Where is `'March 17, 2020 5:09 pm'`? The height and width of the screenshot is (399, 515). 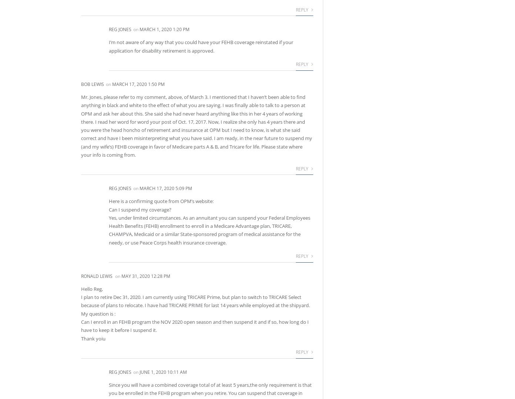 'March 17, 2020 5:09 pm' is located at coordinates (165, 188).